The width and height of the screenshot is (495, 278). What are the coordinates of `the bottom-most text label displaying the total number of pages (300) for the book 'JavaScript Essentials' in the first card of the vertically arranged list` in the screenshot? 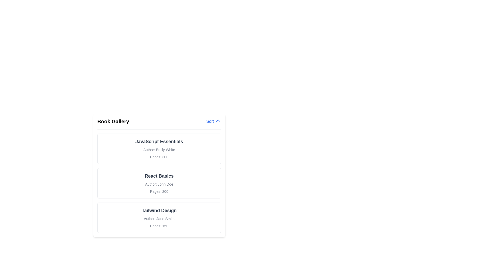 It's located at (159, 157).